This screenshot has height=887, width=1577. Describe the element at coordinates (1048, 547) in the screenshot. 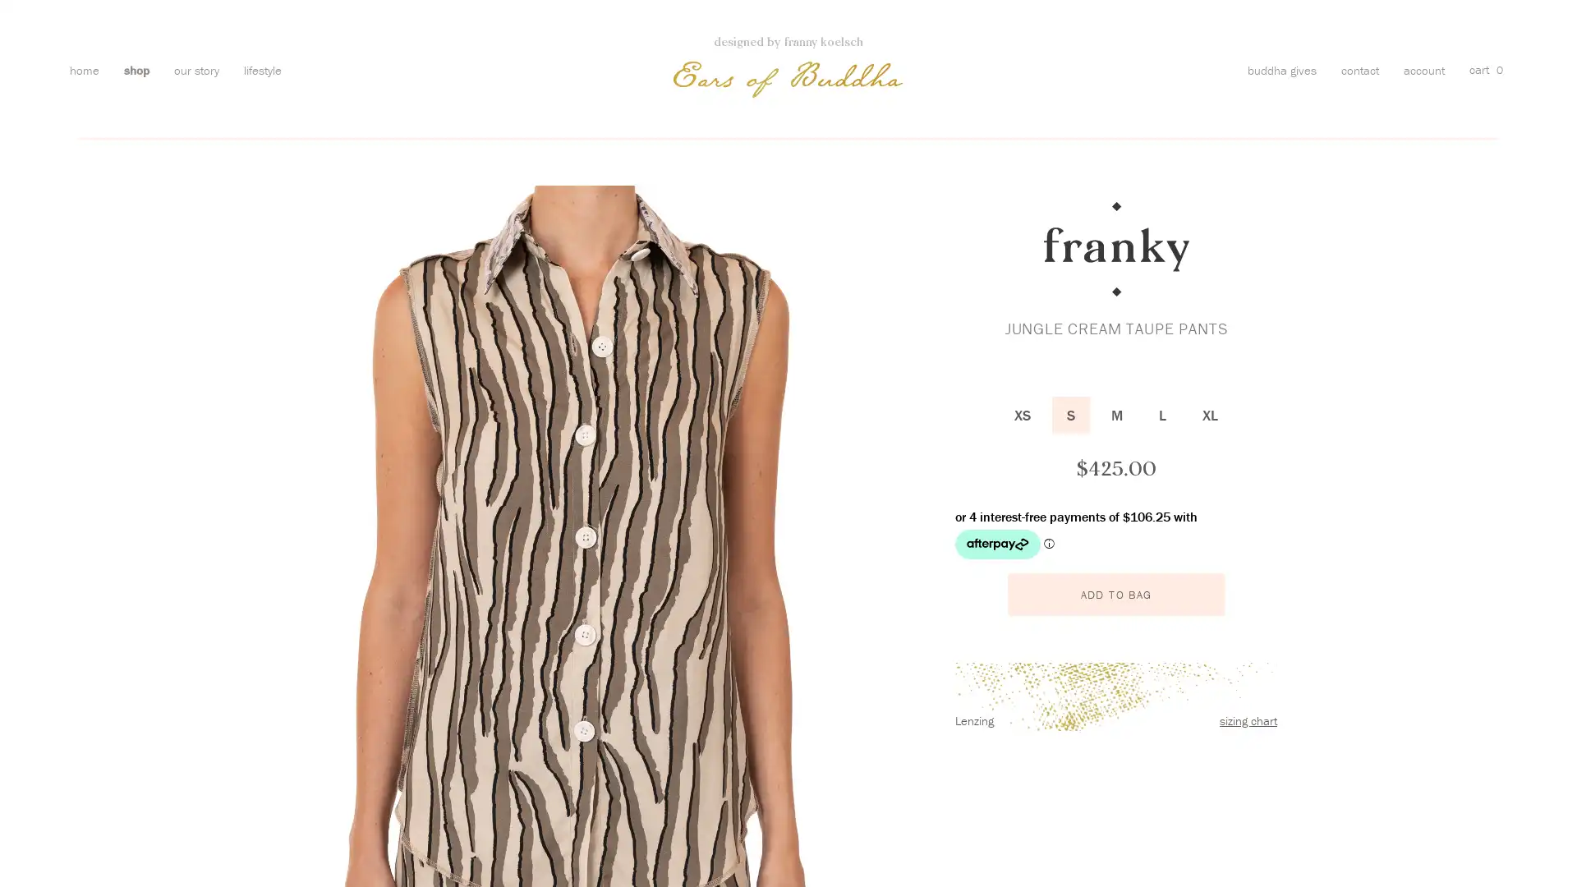

I see `Afterpay Information - Opens a dialog` at that location.